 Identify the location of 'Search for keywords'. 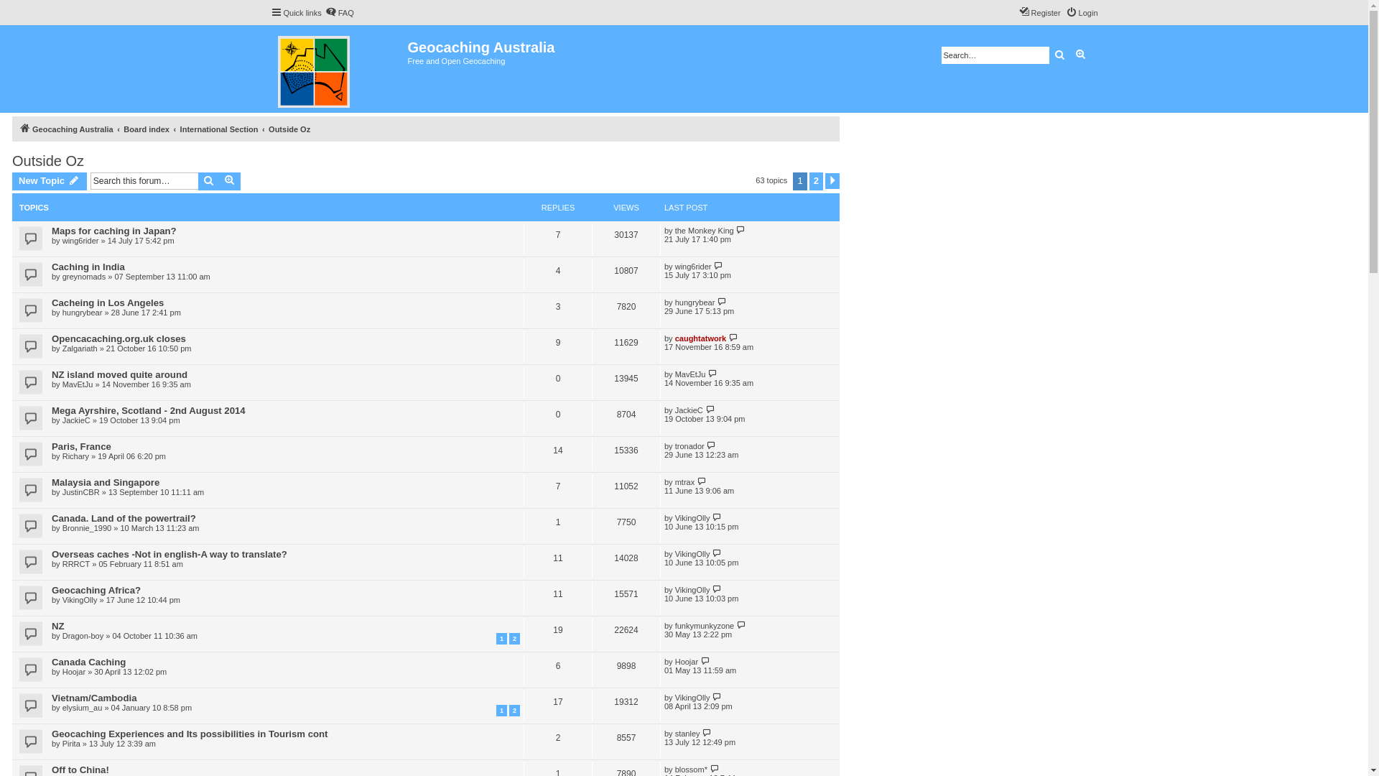
(994, 55).